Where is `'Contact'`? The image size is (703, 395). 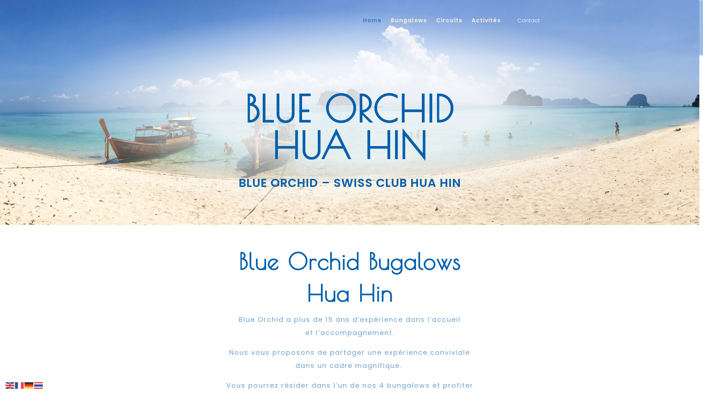
'Contact' is located at coordinates (529, 20).